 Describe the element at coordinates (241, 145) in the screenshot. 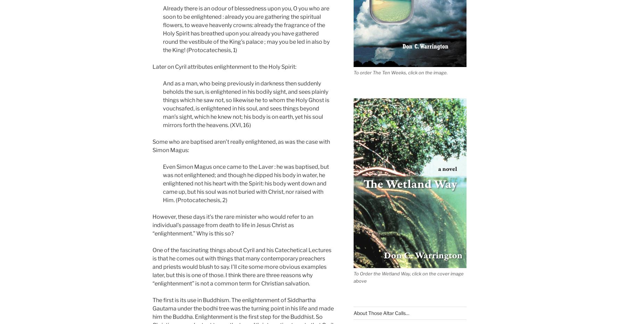

I see `'Some who are baptised aren’t really enlightened, as was the case with Simon Magus:'` at that location.